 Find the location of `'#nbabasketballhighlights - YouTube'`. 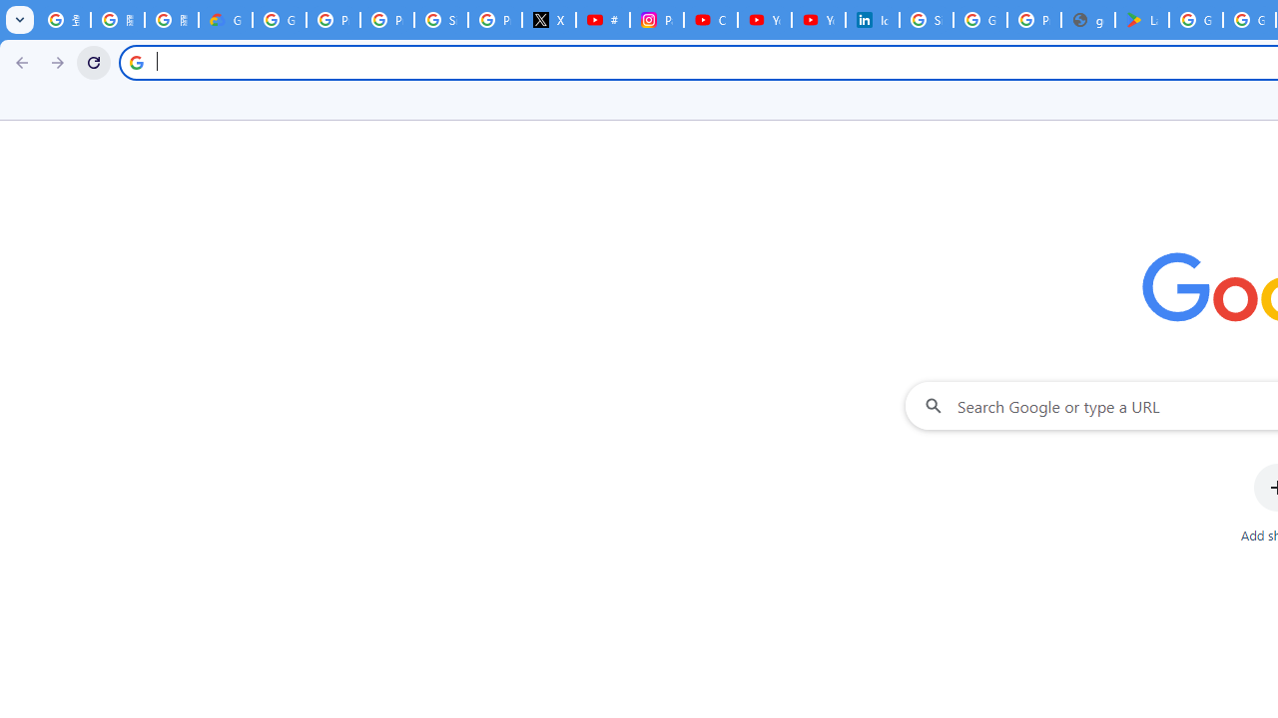

'#nbabasketballhighlights - YouTube' is located at coordinates (602, 20).